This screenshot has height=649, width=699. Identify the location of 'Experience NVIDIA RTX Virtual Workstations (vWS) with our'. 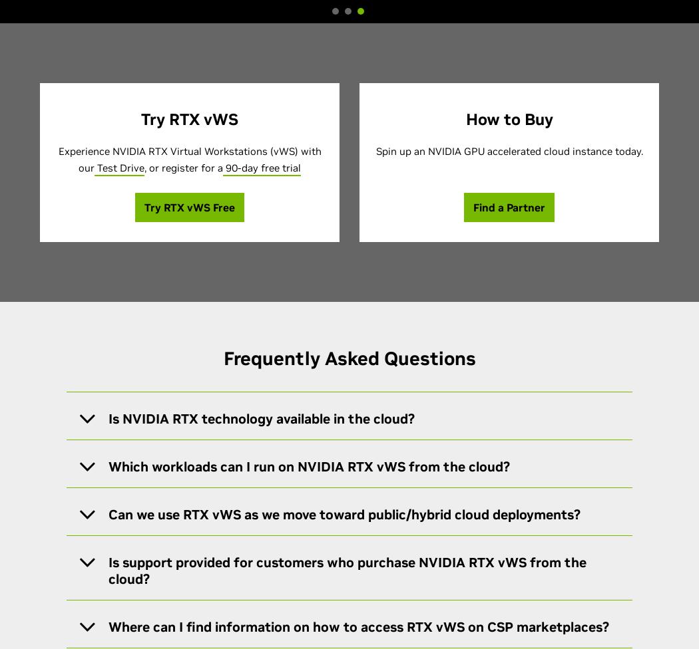
(58, 158).